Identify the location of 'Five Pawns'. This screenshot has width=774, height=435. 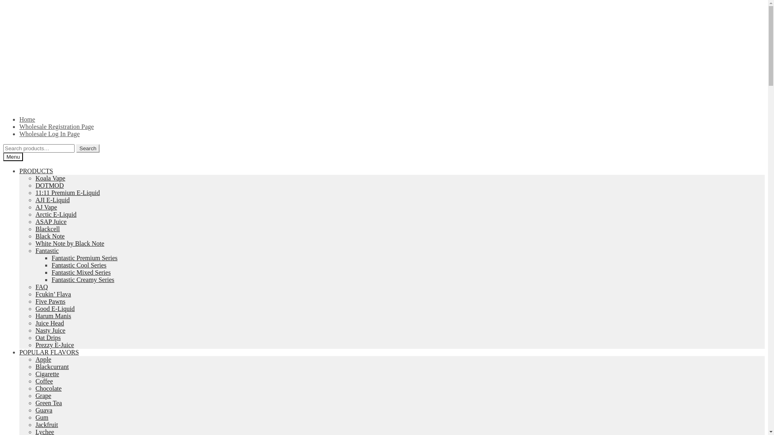
(35, 301).